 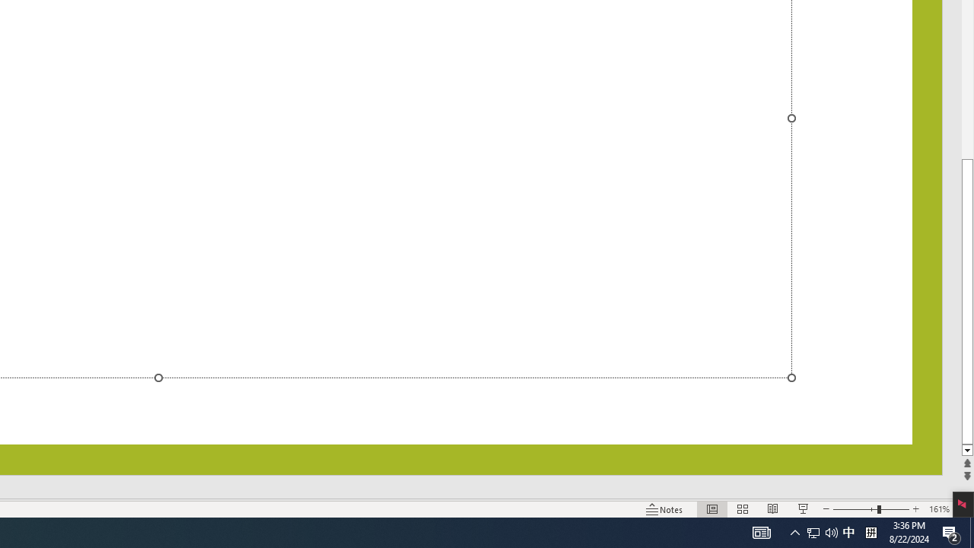 I want to click on 'Slide Sorter', so click(x=743, y=509).